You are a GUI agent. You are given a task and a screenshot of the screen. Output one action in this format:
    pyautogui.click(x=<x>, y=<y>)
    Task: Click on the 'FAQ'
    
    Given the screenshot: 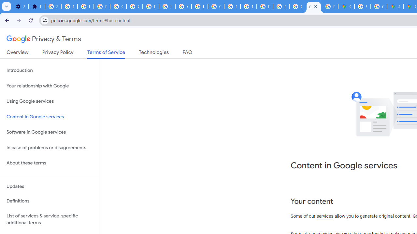 What is the action you would take?
    pyautogui.click(x=187, y=53)
    